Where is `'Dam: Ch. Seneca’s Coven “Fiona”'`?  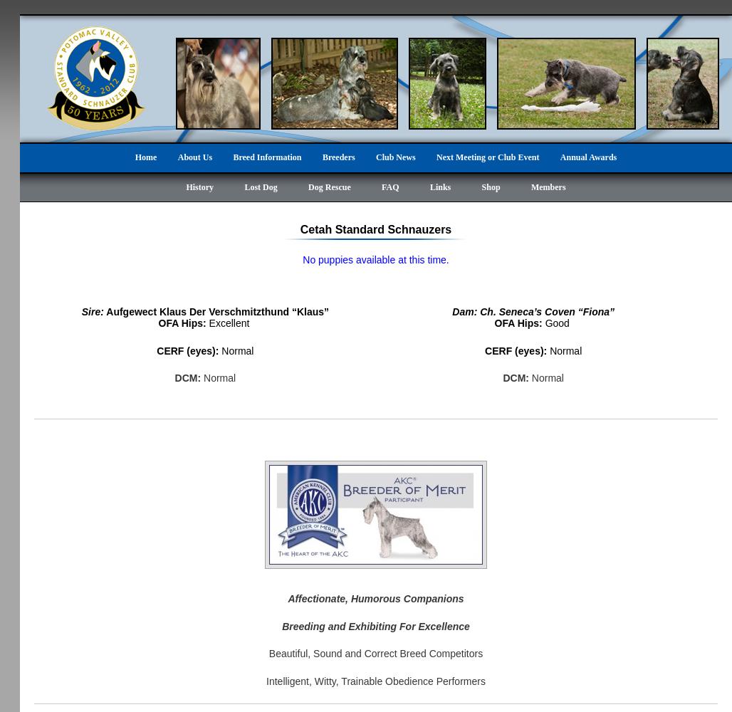
'Dam: Ch. Seneca’s Coven “Fiona”' is located at coordinates (533, 311).